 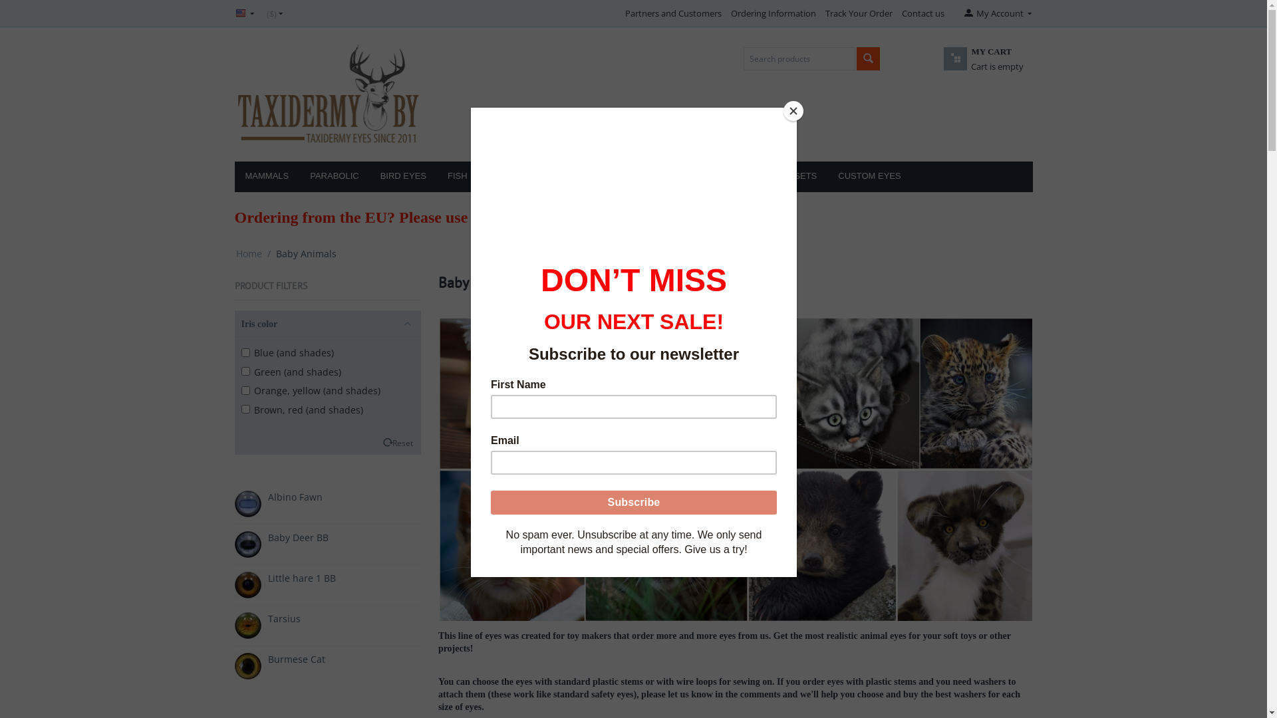 I want to click on 'Track Your Order', so click(x=859, y=13).